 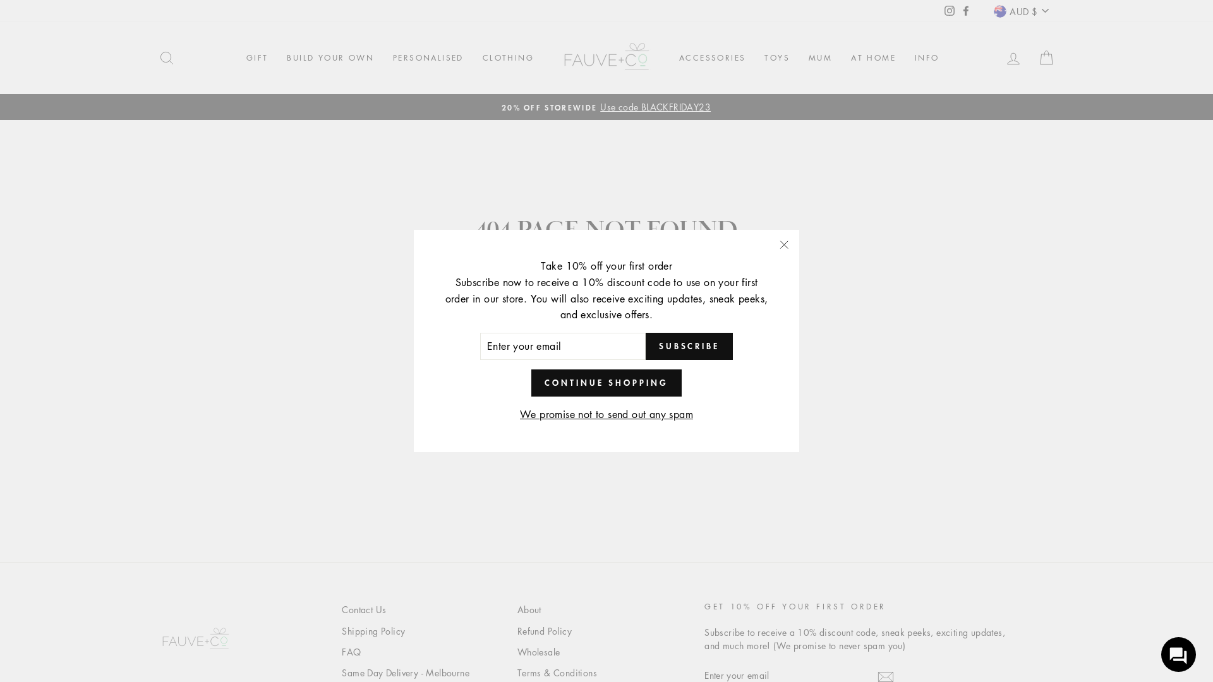 I want to click on 'PERSONALISED', so click(x=428, y=58).